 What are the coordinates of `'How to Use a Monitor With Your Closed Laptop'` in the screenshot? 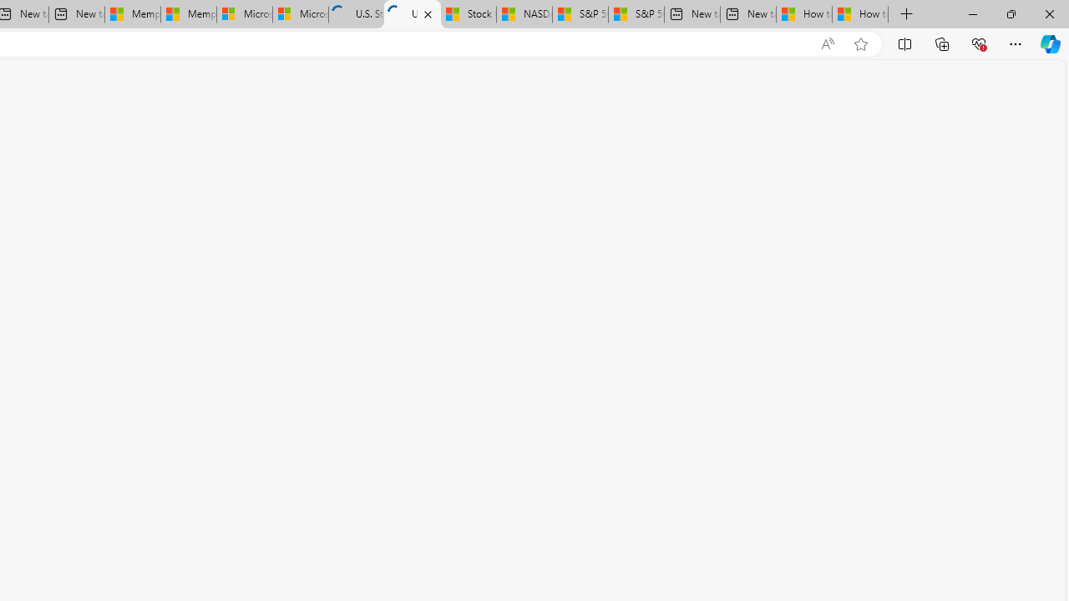 It's located at (860, 14).